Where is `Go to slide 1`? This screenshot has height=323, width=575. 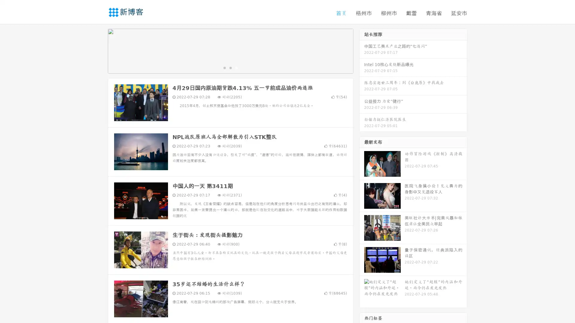 Go to slide 1 is located at coordinates (224, 67).